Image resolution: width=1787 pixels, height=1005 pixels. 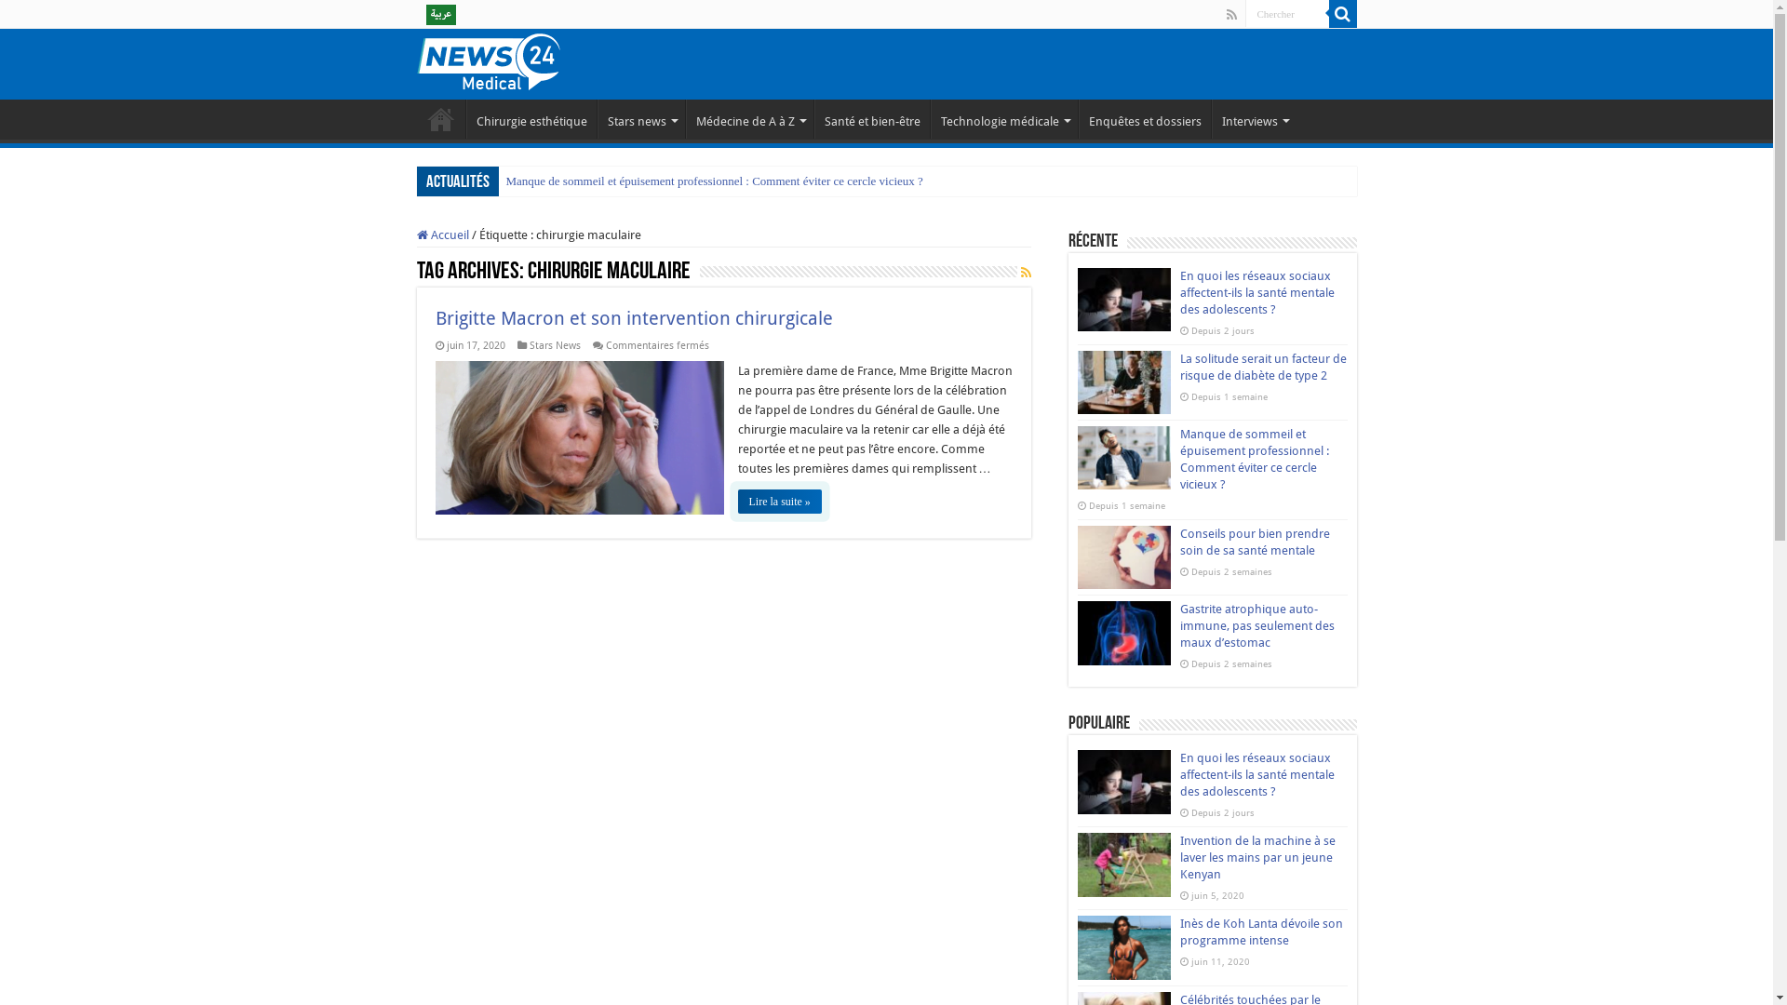 I want to click on 'Chercher', so click(x=1328, y=14).